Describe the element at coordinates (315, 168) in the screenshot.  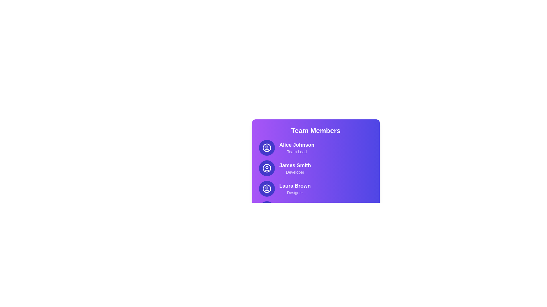
I see `the second list item representing a team member, located between 'Alice Johnson' and 'Laura Brown'` at that location.